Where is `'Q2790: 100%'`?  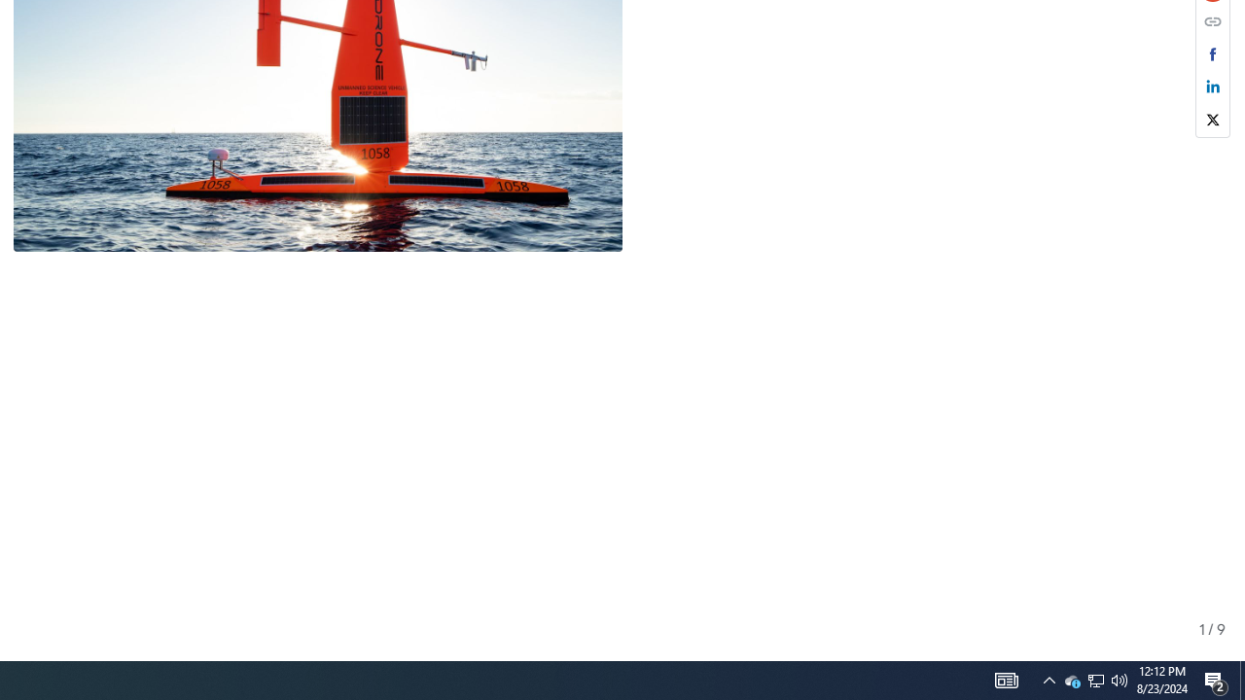
'Q2790: 100%' is located at coordinates (1071, 679).